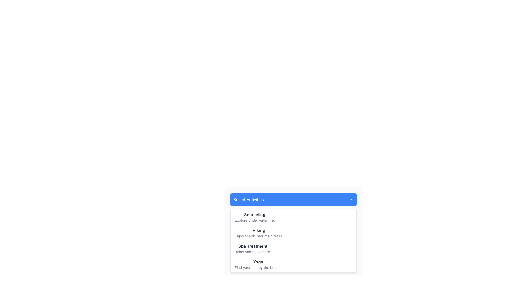 Image resolution: width=505 pixels, height=284 pixels. Describe the element at coordinates (351, 200) in the screenshot. I see `the icon button located at the far right of the blue bar labeled 'Select Activities'` at that location.